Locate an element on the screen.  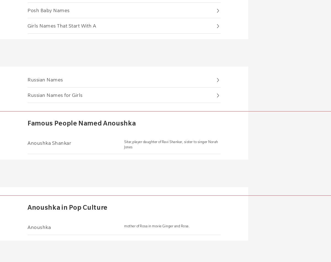
'Girls Names That Start With A' is located at coordinates (62, 25).